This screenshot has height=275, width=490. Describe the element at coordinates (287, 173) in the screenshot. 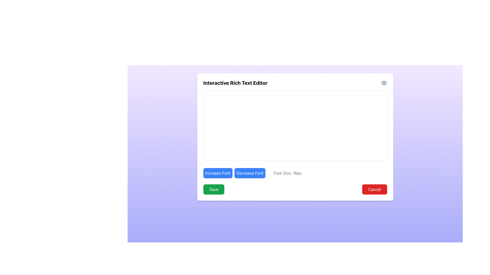

I see `the Text Display element that shows the current font size, located to the right of the 'Increase Font' and 'Decrease Font' buttons` at that location.